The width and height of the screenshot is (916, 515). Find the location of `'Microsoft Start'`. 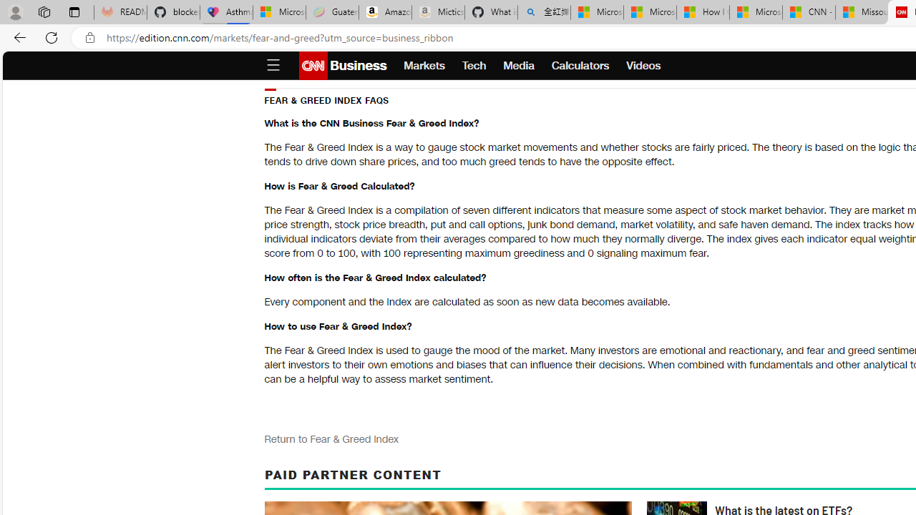

'Microsoft Start' is located at coordinates (755, 12).